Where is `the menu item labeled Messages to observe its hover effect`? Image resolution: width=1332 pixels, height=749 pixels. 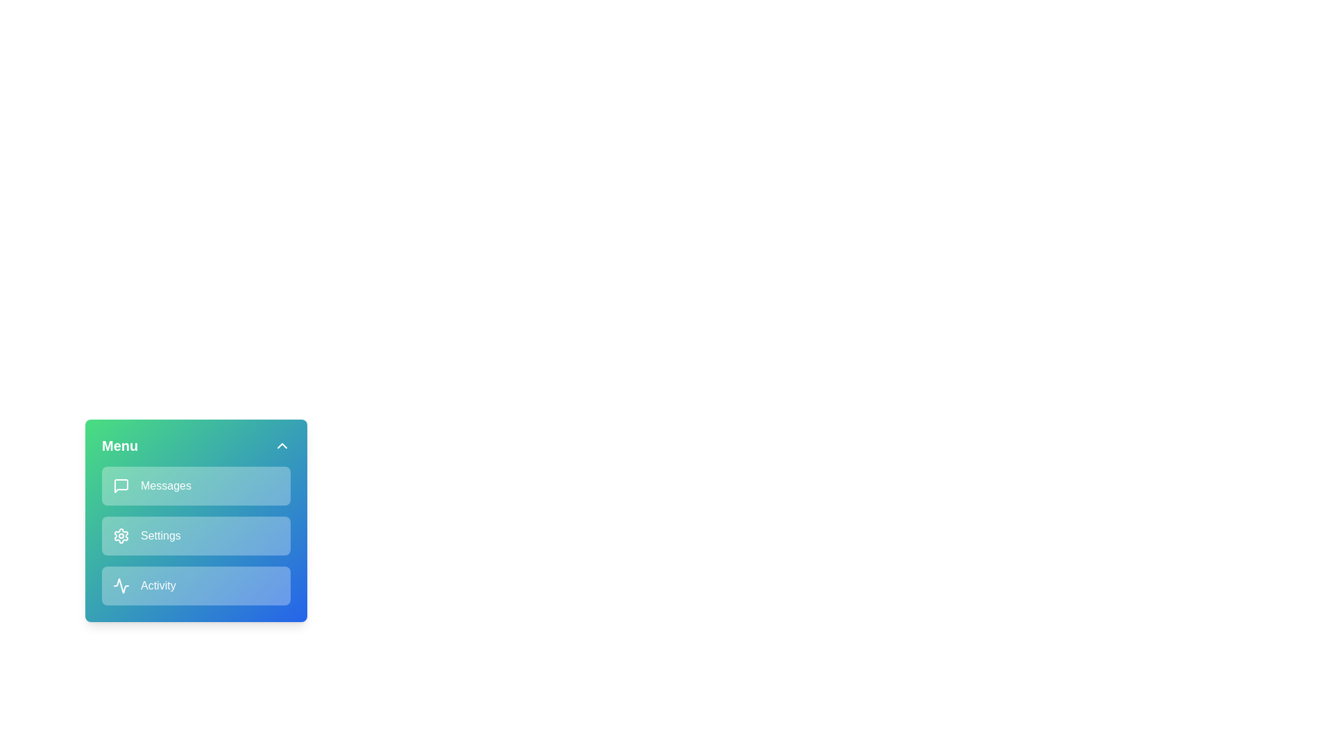 the menu item labeled Messages to observe its hover effect is located at coordinates (196, 485).